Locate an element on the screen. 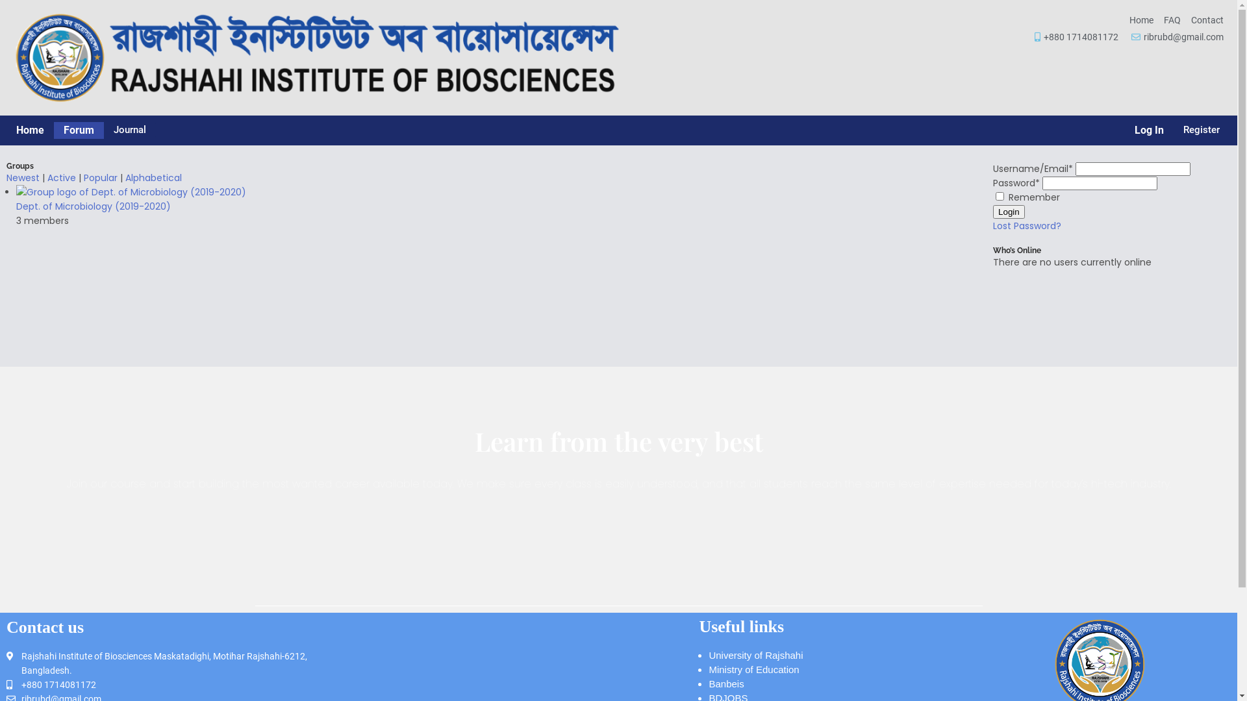 This screenshot has width=1247, height=701. 'Banbeis' is located at coordinates (725, 683).